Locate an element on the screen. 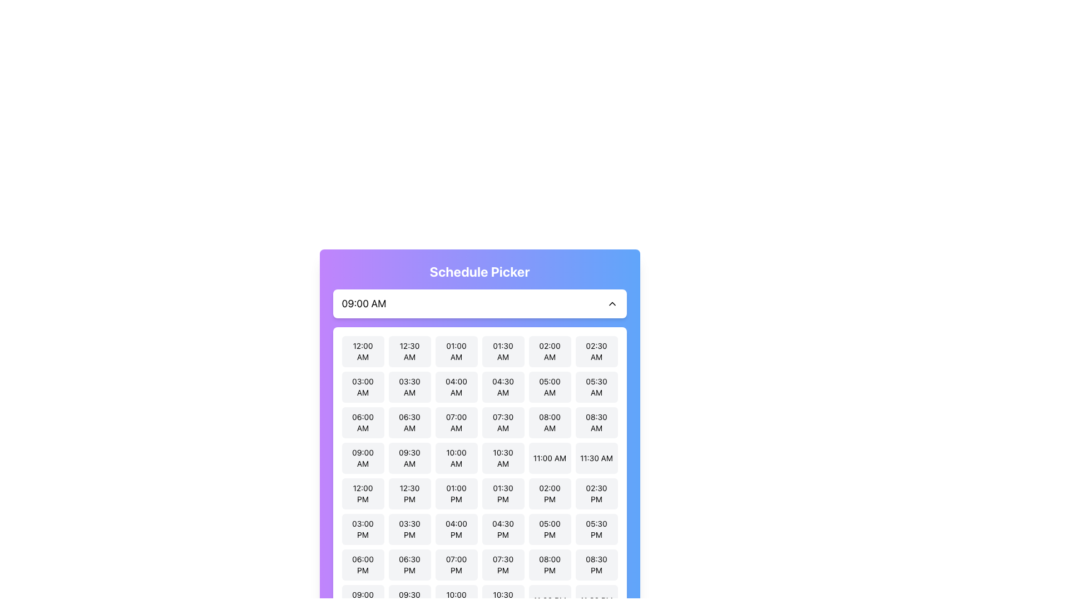  the Time slot button is located at coordinates (550, 493).